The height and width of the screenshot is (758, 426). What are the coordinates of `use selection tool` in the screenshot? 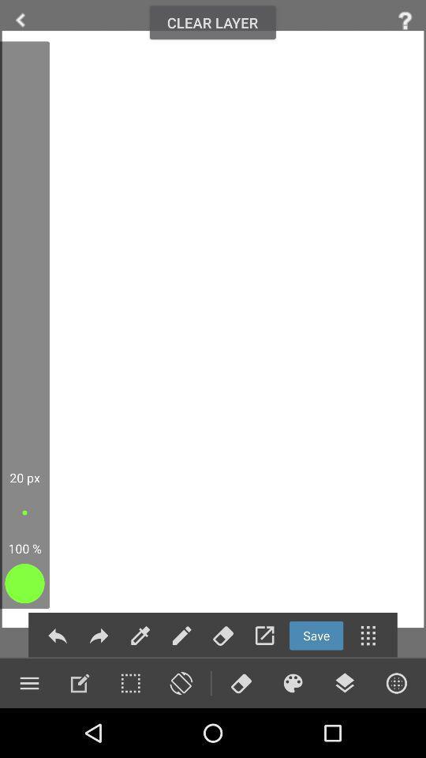 It's located at (129, 682).